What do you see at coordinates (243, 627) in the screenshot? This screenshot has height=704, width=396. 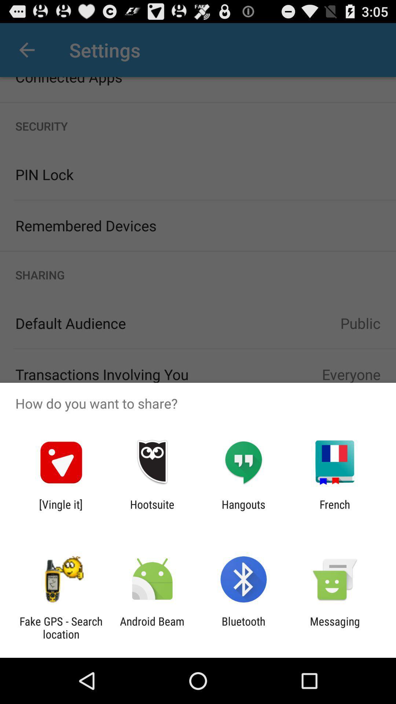 I see `the bluetooth icon` at bounding box center [243, 627].